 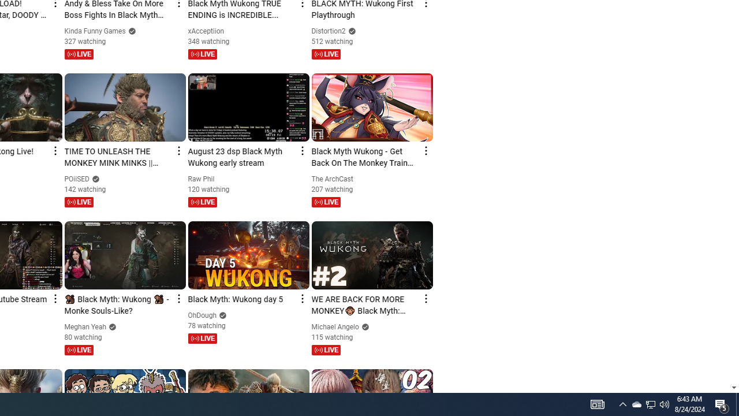 What do you see at coordinates (203, 315) in the screenshot?
I see `'OhDough'` at bounding box center [203, 315].